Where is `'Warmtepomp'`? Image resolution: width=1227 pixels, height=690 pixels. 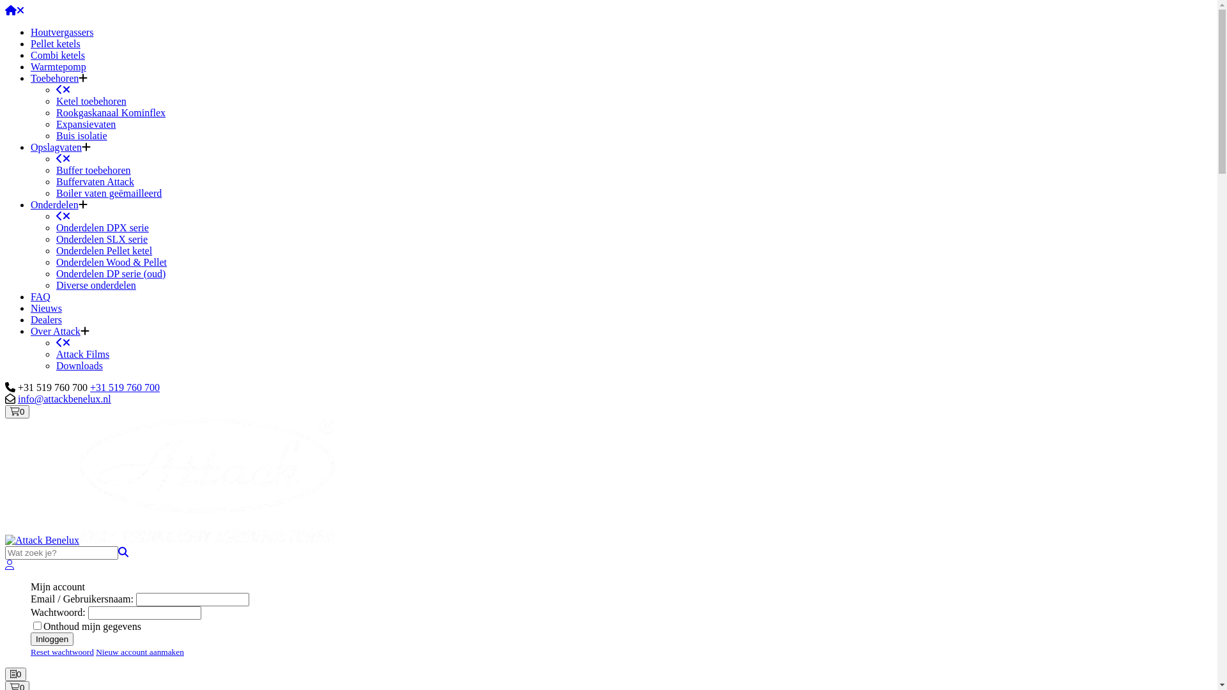
'Warmtepomp' is located at coordinates (58, 66).